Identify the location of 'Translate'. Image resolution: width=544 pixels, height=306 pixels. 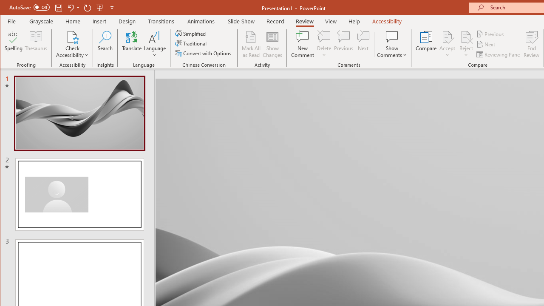
(131, 44).